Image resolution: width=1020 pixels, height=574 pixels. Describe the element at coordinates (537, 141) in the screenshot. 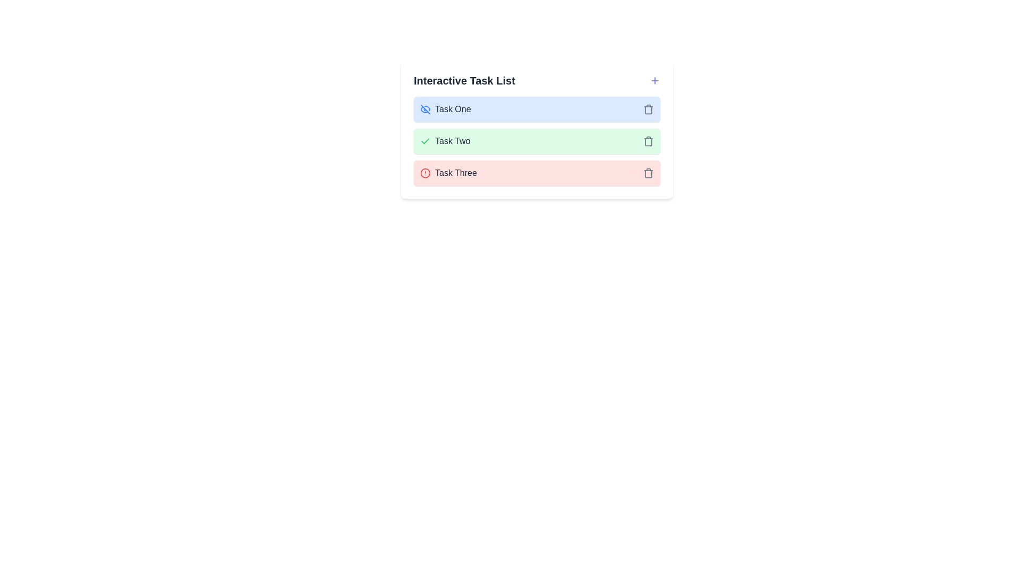

I see `to select the task labeled 'Task Two' in the vertical list of tasks` at that location.